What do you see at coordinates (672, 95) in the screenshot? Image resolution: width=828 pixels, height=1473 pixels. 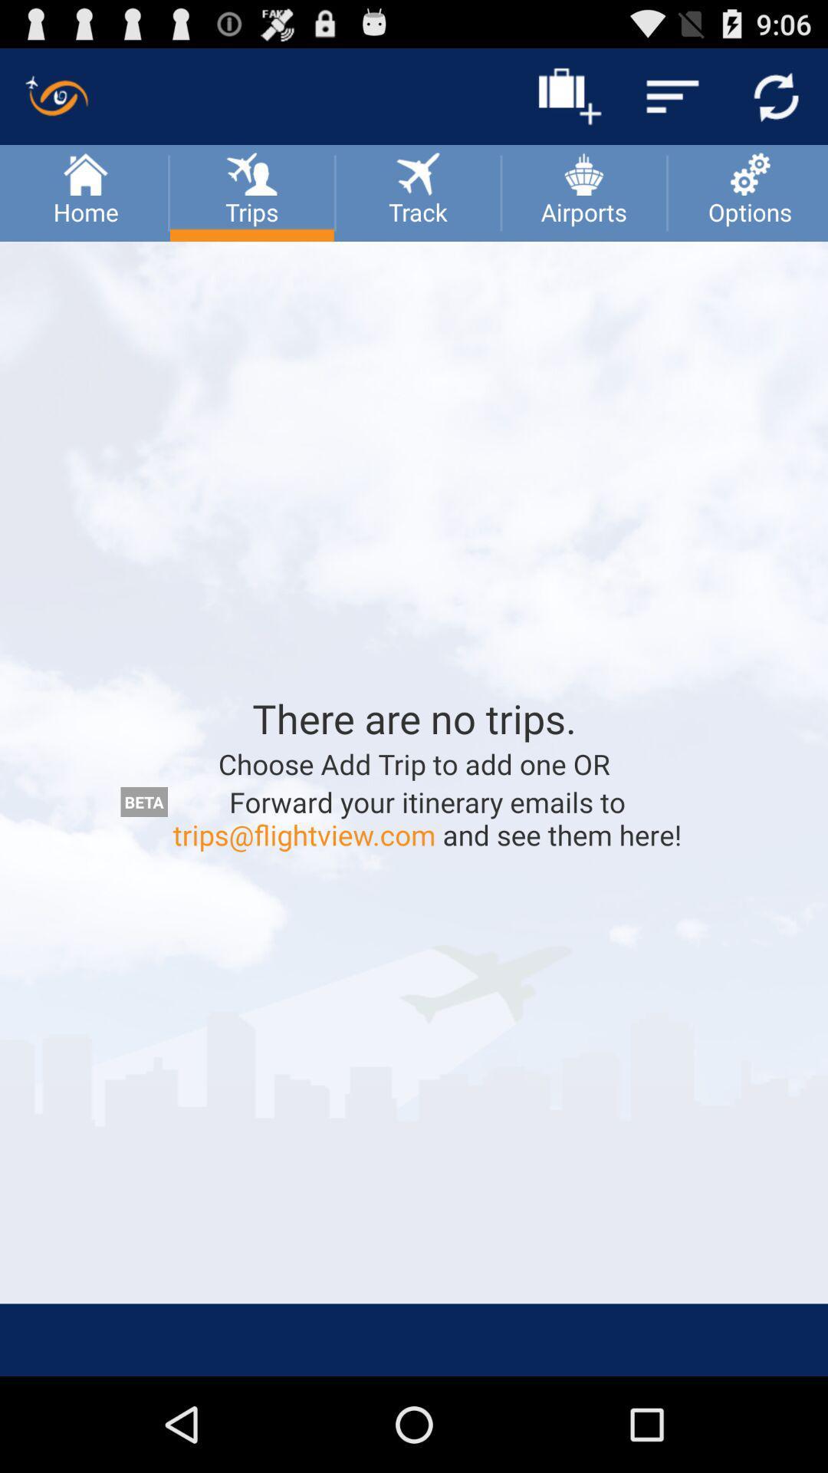 I see `the menu` at bounding box center [672, 95].